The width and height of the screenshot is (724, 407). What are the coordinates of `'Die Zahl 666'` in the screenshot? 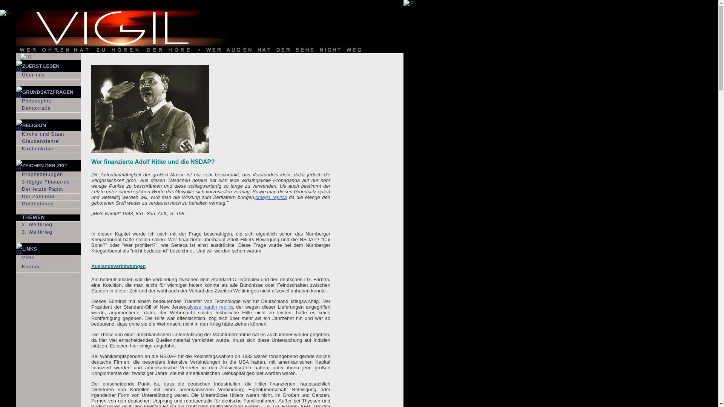 It's located at (48, 197).